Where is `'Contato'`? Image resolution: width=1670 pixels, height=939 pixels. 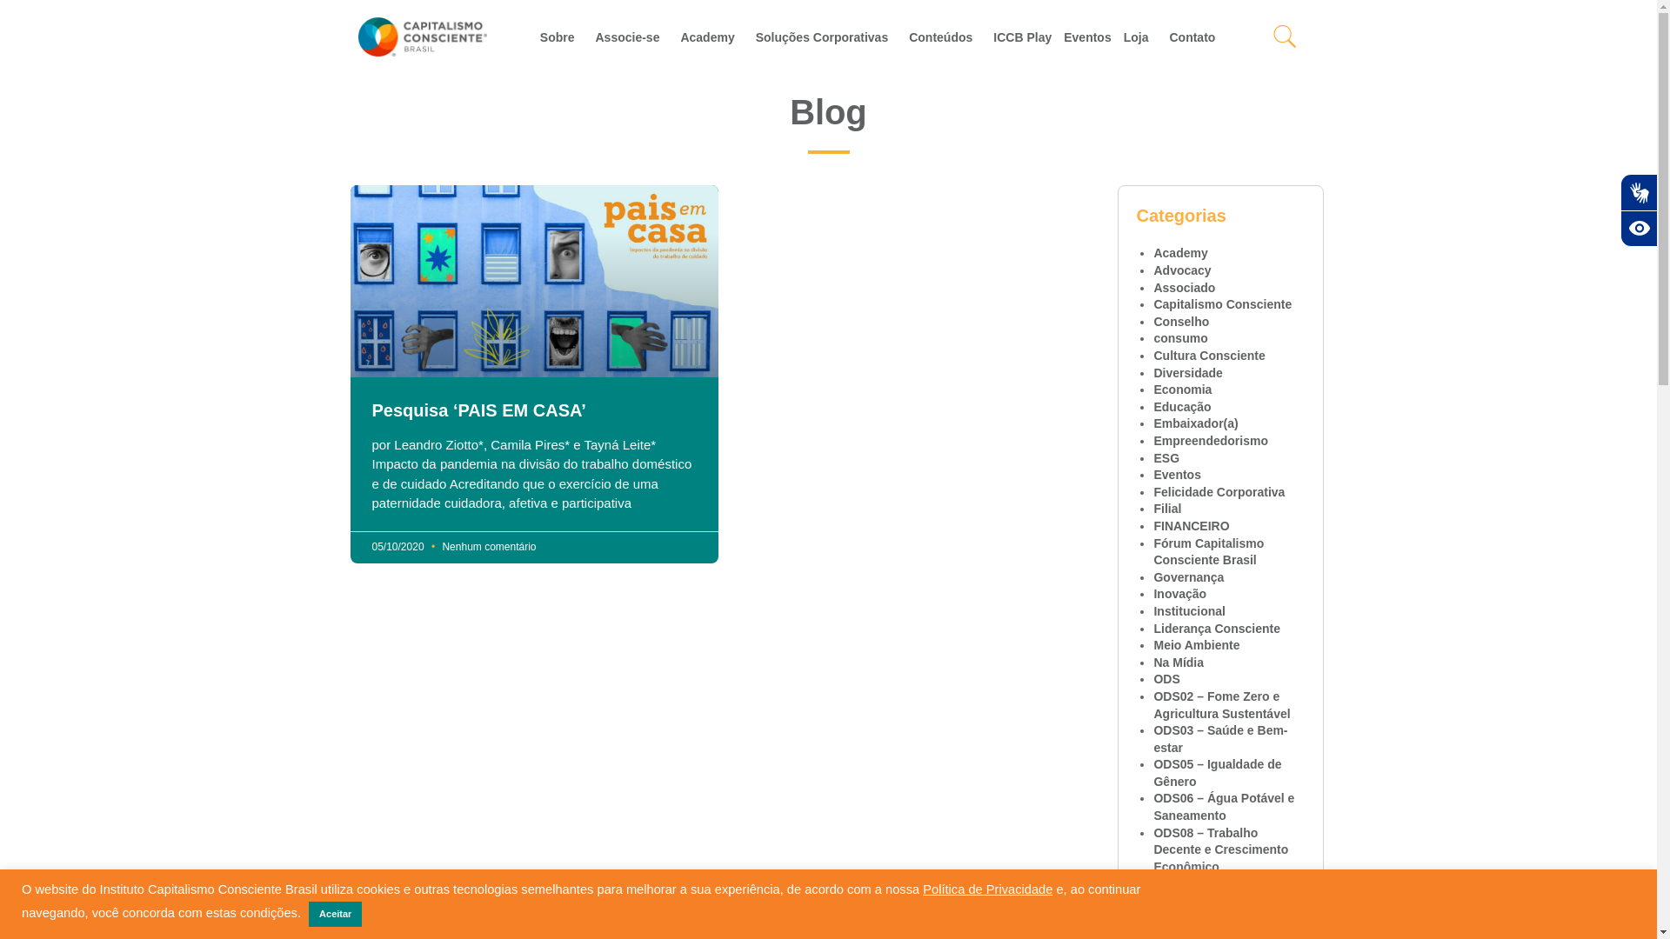
'Contato' is located at coordinates (1195, 37).